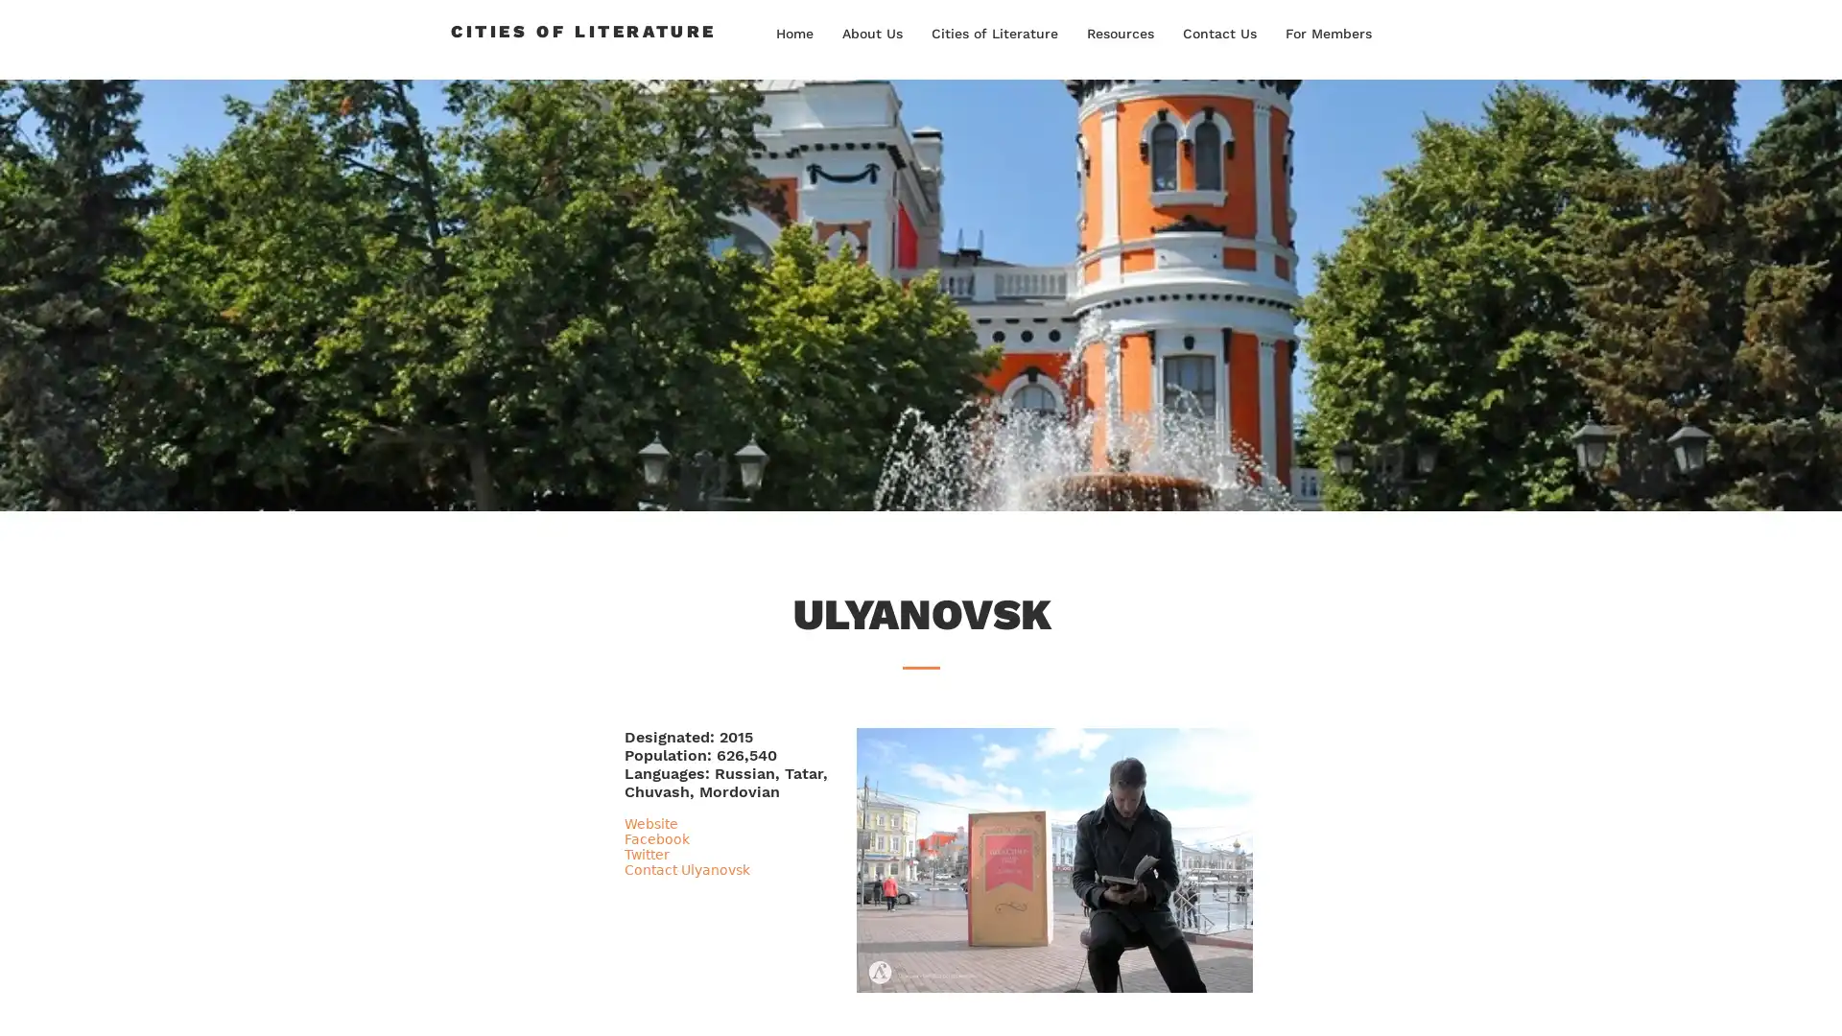  I want to click on Cookie Settings, so click(1634, 1001).